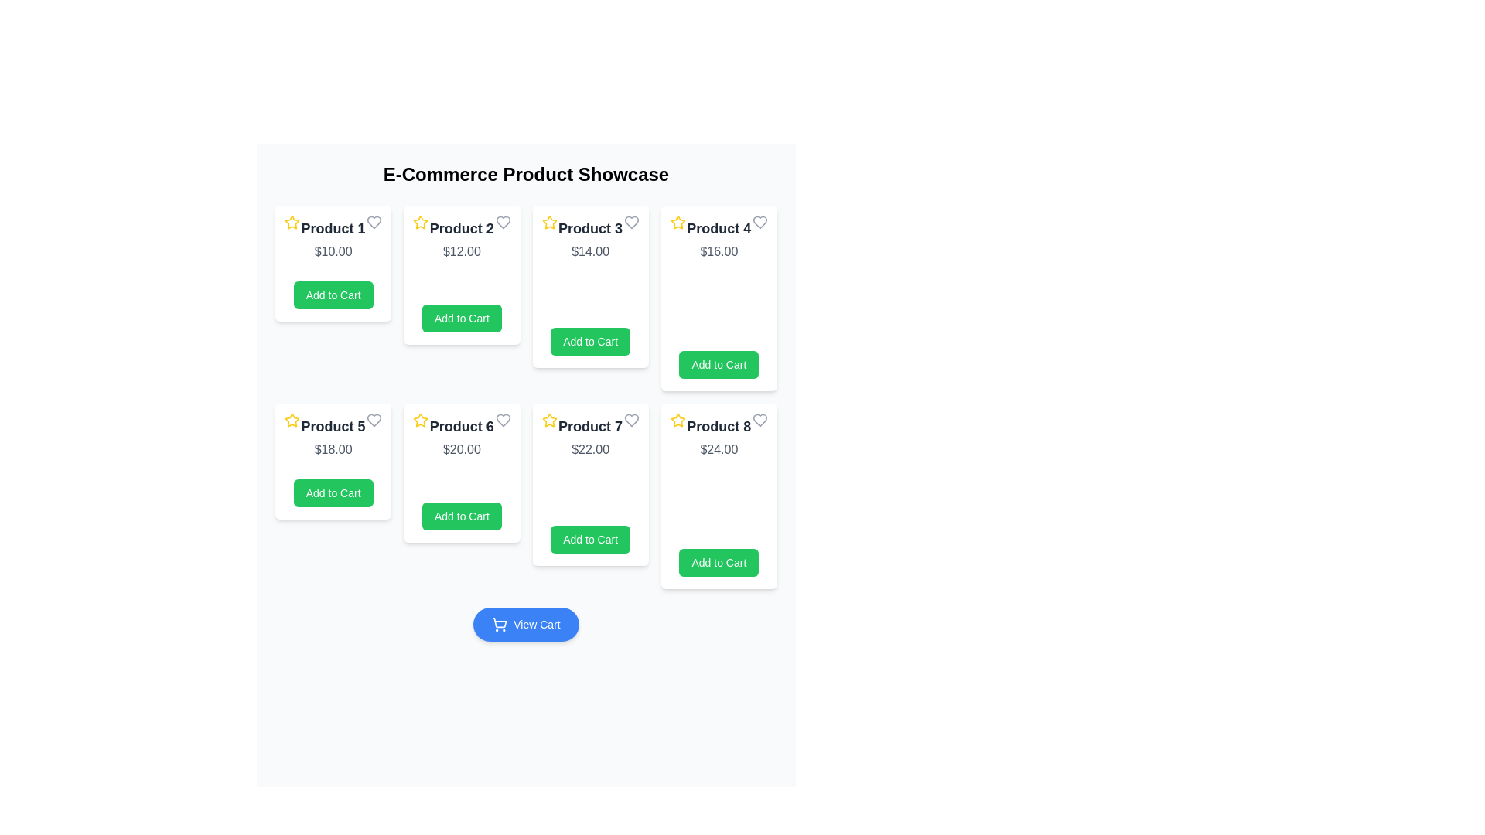 The width and height of the screenshot is (1485, 835). What do you see at coordinates (461, 450) in the screenshot?
I see `price text label located at the bottom-center of the card for Product 6, situated between the product name and the 'Add to Cart' button` at bounding box center [461, 450].